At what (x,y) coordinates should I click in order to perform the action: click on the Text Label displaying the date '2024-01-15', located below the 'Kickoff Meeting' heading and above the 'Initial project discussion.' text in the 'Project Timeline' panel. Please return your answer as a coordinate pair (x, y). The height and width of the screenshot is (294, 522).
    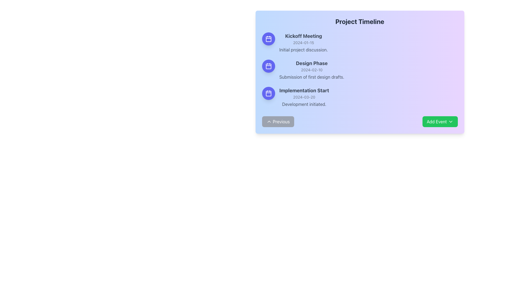
    Looking at the image, I should click on (303, 42).